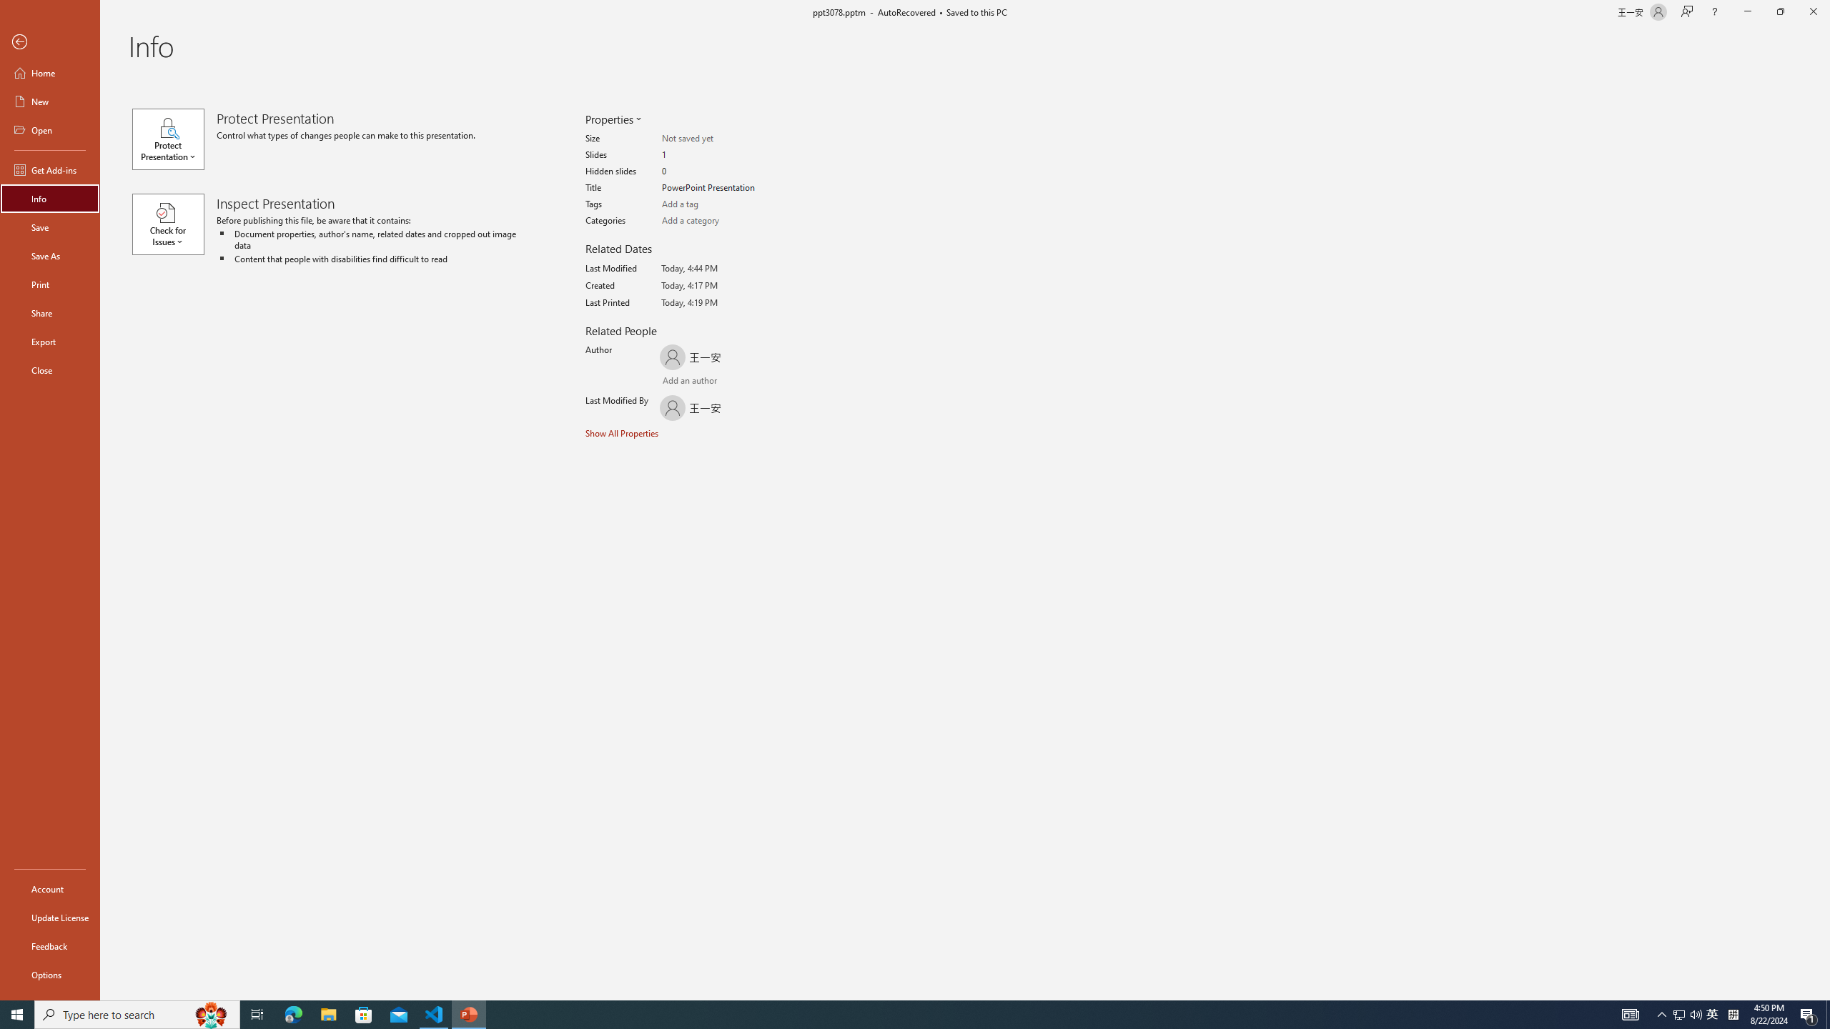 This screenshot has width=1830, height=1029. I want to click on 'Tags', so click(717, 204).